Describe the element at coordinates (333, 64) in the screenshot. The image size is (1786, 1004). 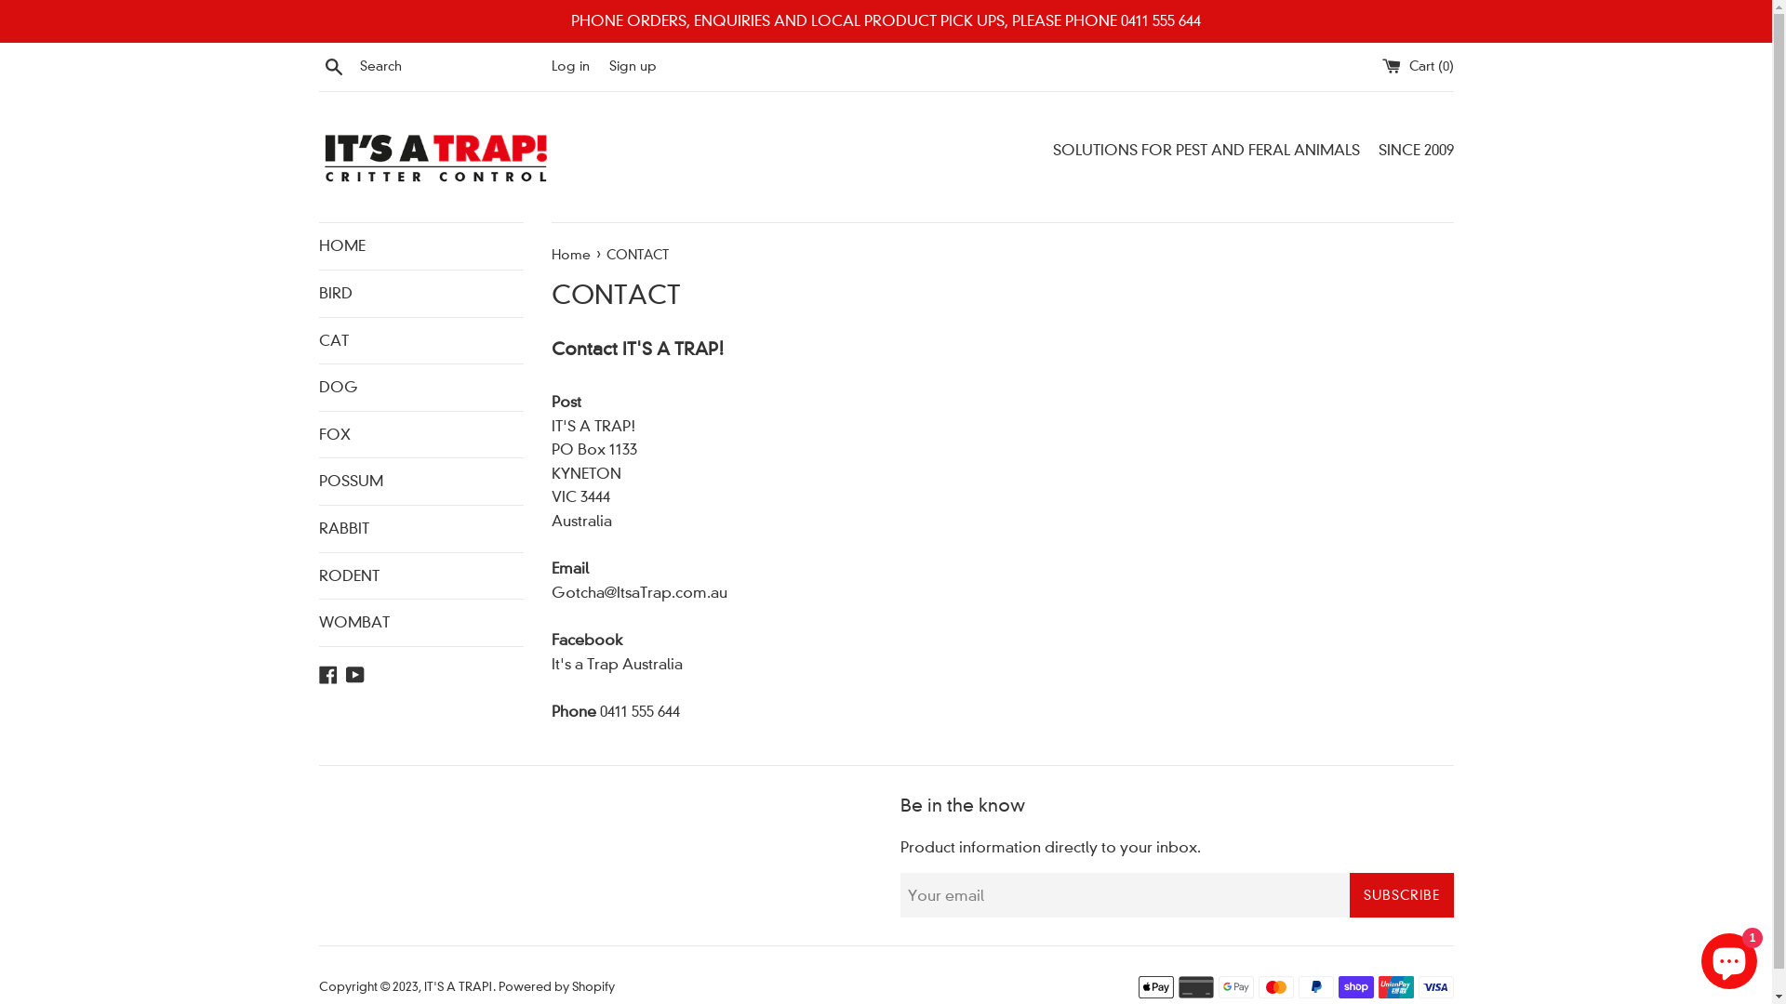
I see `'Search'` at that location.